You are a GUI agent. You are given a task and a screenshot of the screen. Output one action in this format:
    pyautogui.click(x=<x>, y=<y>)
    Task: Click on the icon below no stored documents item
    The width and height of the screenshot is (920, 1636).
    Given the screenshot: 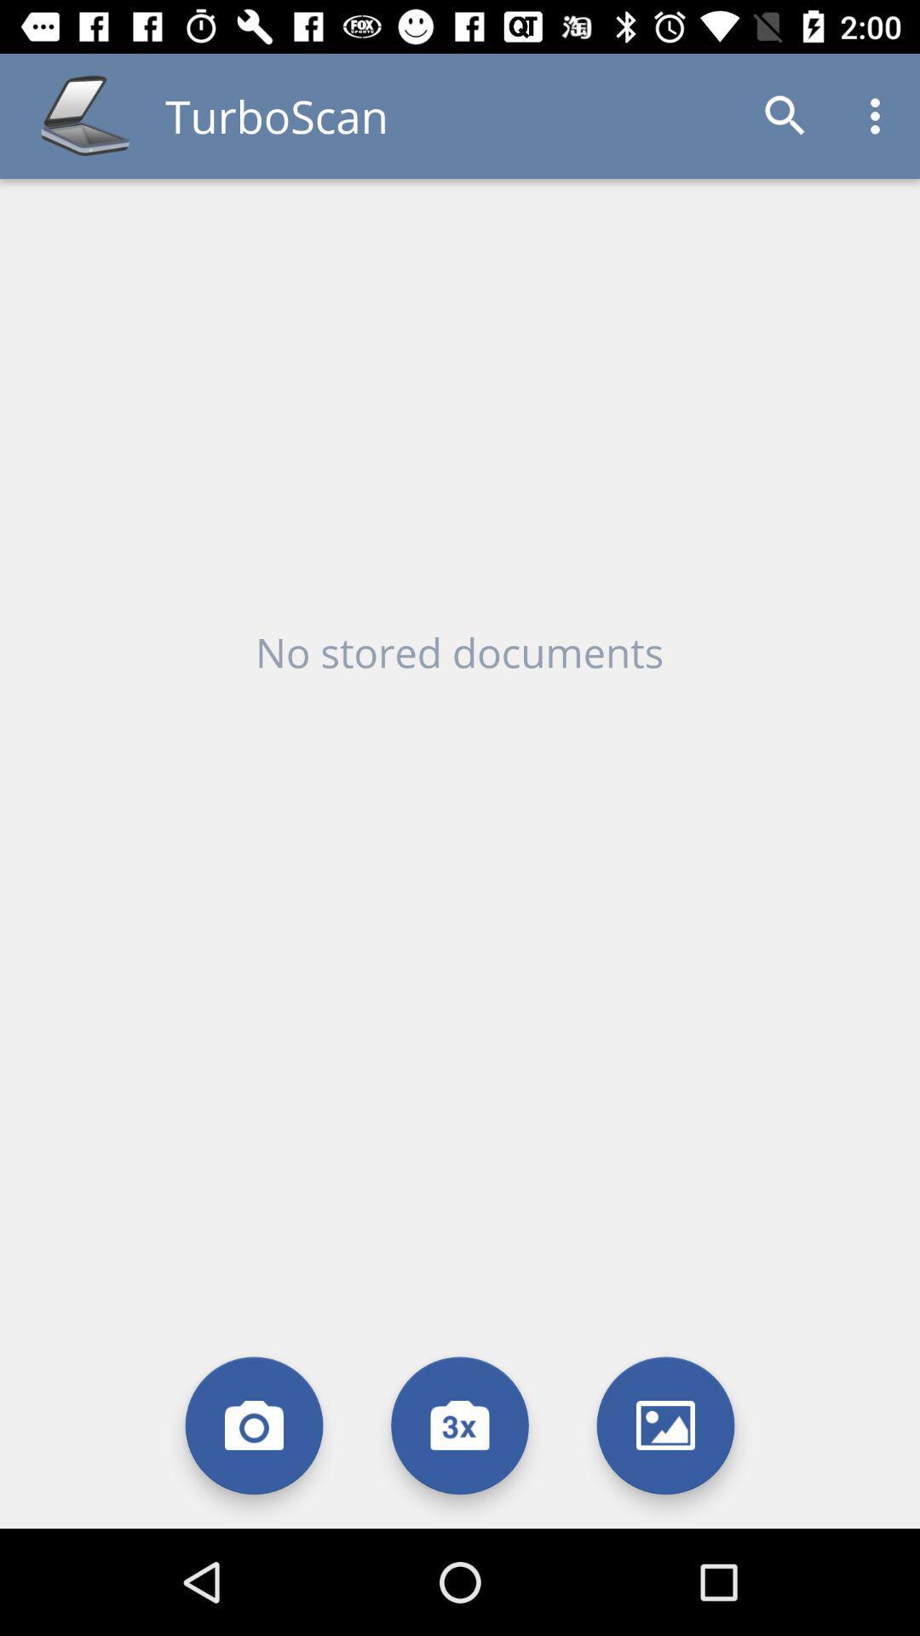 What is the action you would take?
    pyautogui.click(x=460, y=1426)
    